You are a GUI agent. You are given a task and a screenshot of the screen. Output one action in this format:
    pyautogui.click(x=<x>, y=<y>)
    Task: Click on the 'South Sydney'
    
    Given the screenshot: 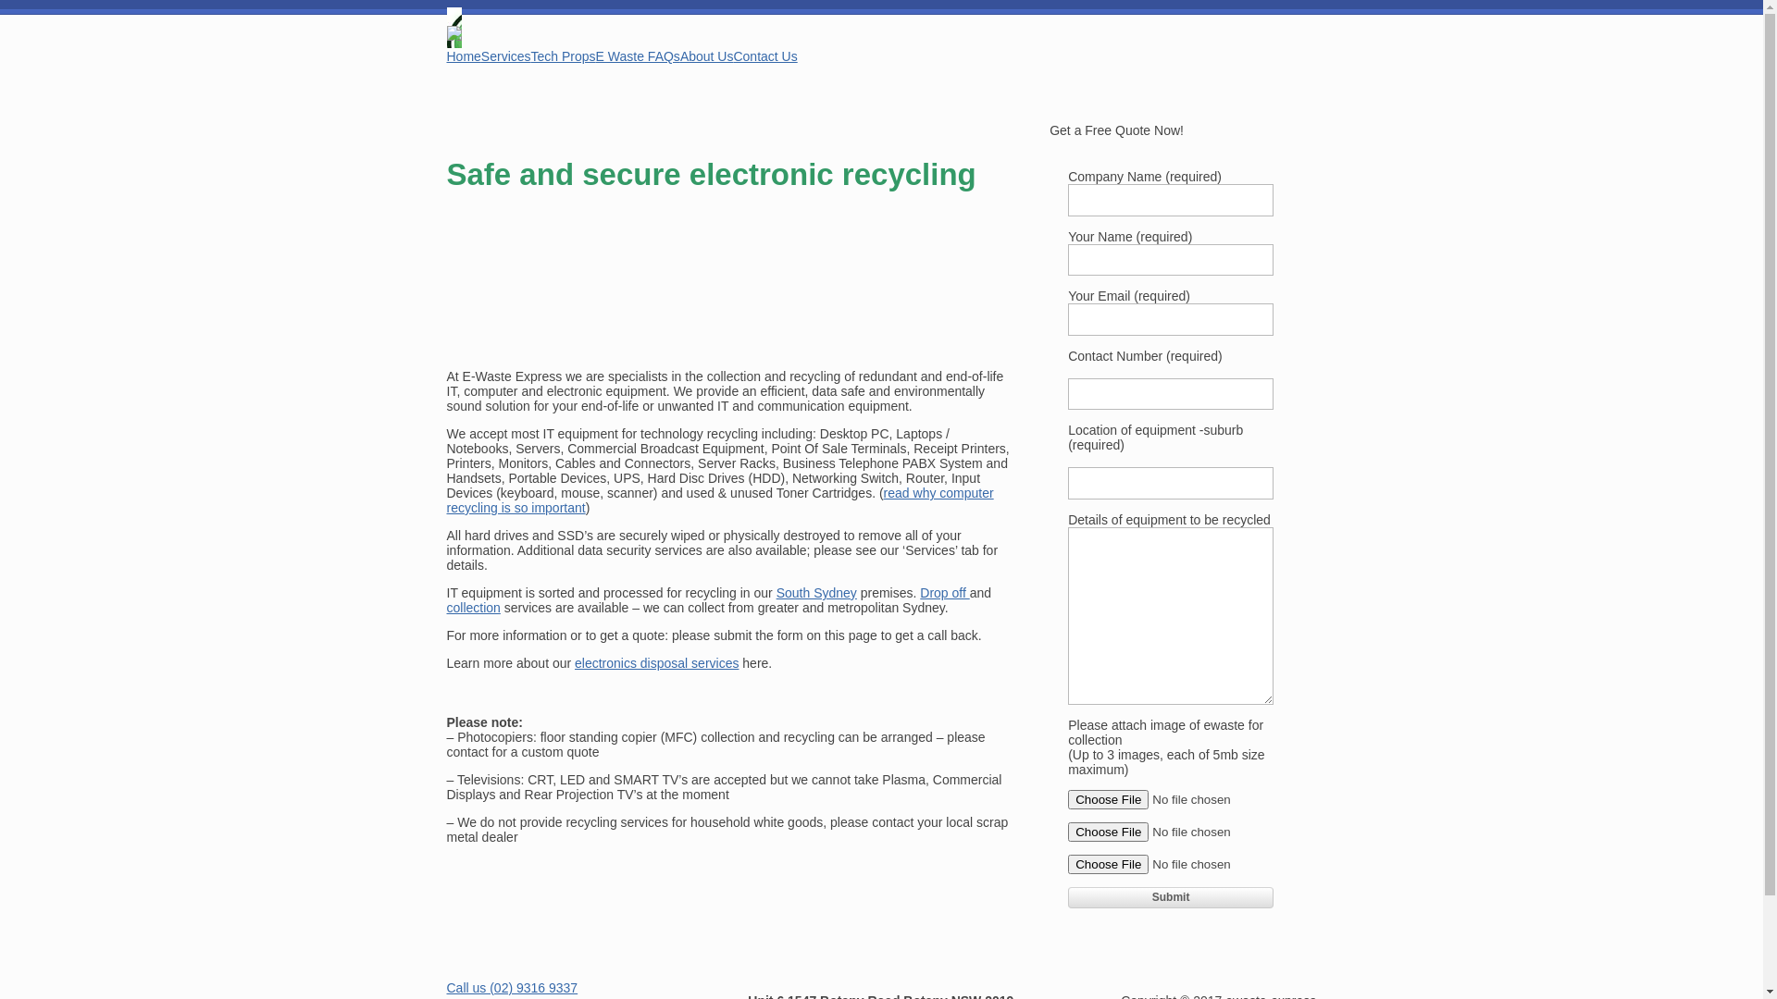 What is the action you would take?
    pyautogui.click(x=815, y=592)
    